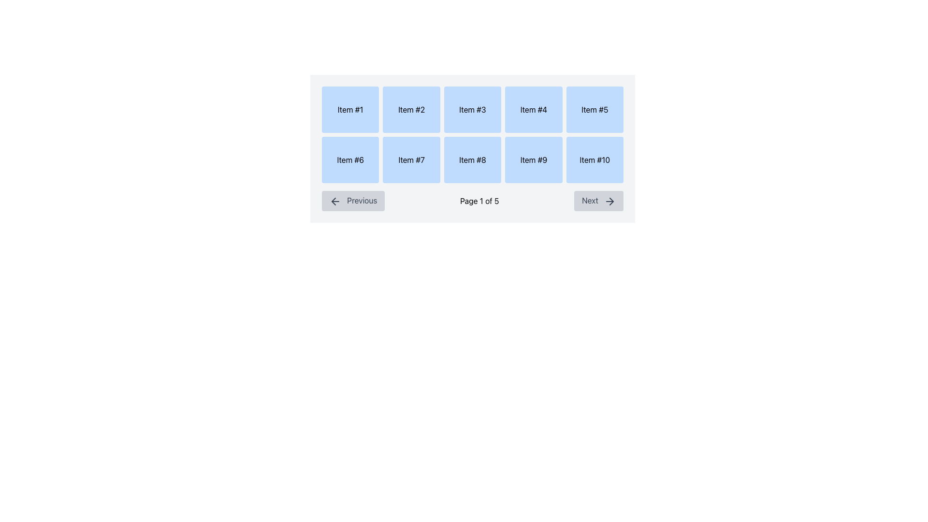 The width and height of the screenshot is (928, 522). I want to click on the visual indicator of the 'Previous' button, which is located at the bottom-left corner of the interface, adjacent to the pagination information and left of the 'Page 1 of 5' text, so click(335, 201).